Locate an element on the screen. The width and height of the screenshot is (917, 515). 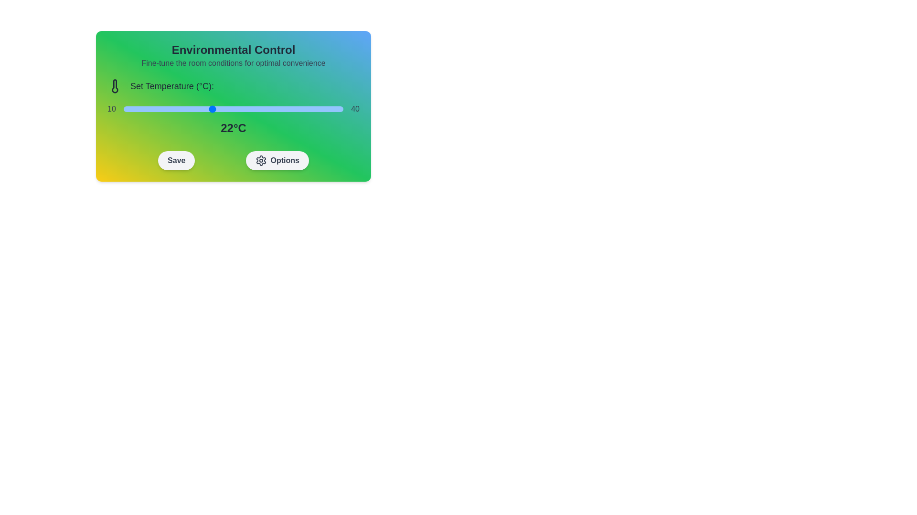
the temperature is located at coordinates (160, 108).